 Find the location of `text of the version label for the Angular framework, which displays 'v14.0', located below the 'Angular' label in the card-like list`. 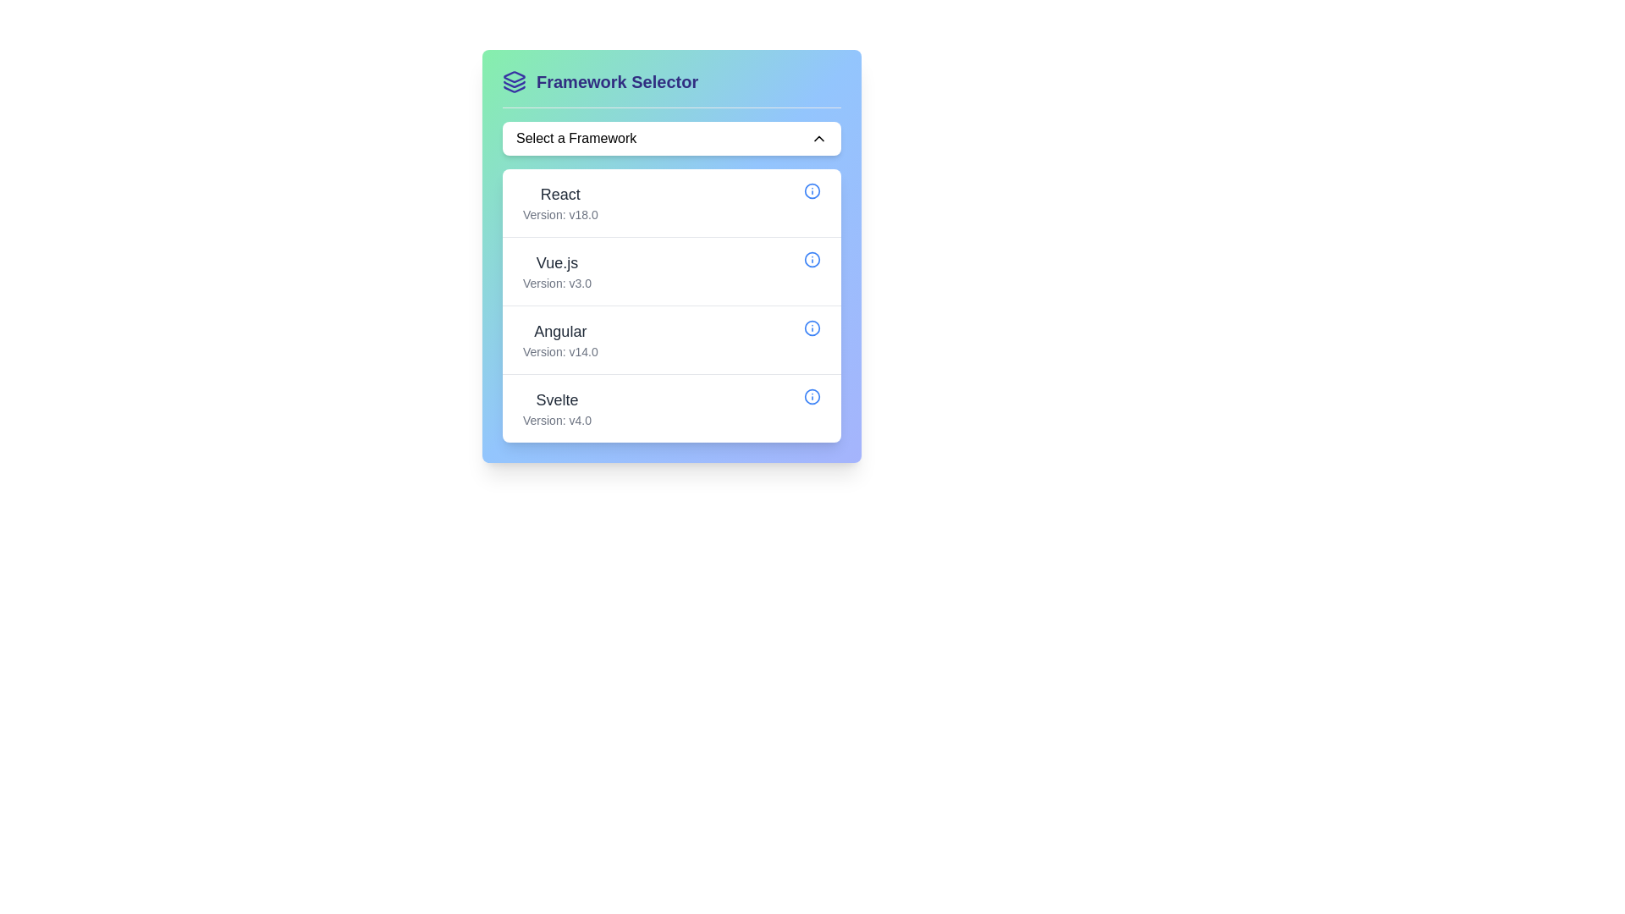

text of the version label for the Angular framework, which displays 'v14.0', located below the 'Angular' label in the card-like list is located at coordinates (560, 351).